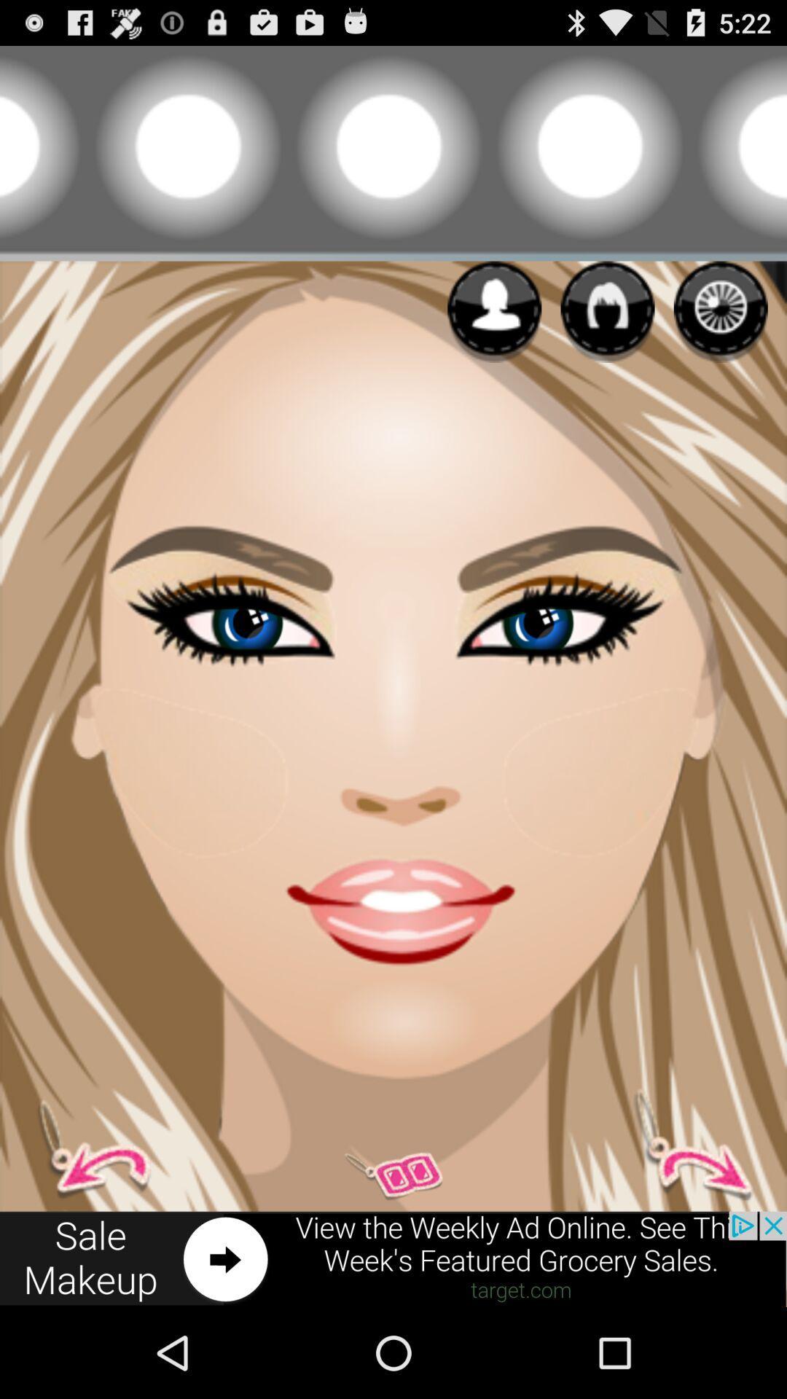  Describe the element at coordinates (720, 311) in the screenshot. I see `third icon which is on the right side of the page` at that location.